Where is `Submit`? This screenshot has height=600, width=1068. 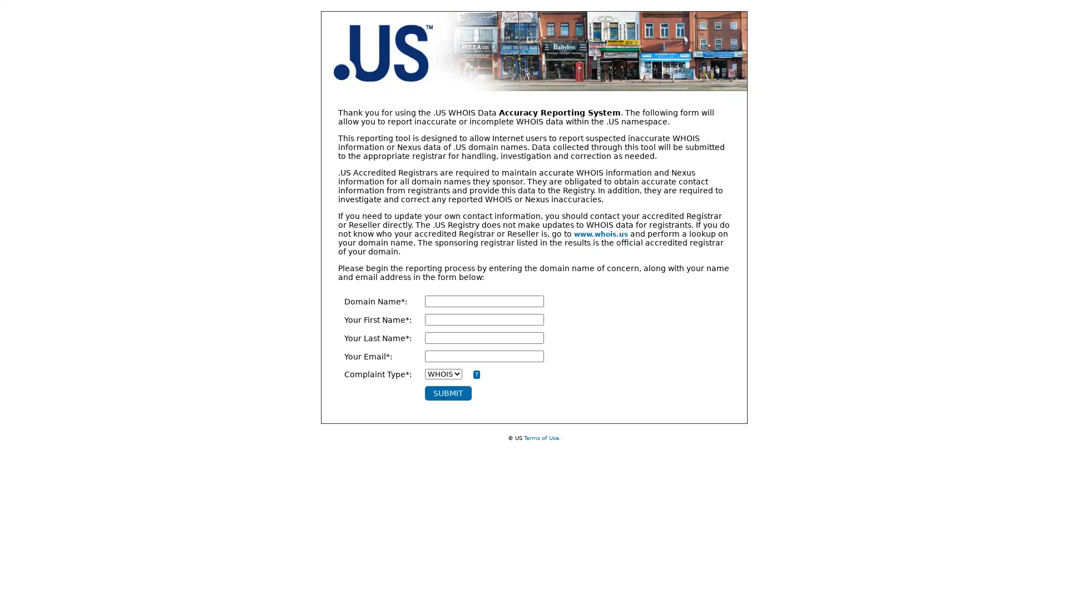 Submit is located at coordinates (448, 393).